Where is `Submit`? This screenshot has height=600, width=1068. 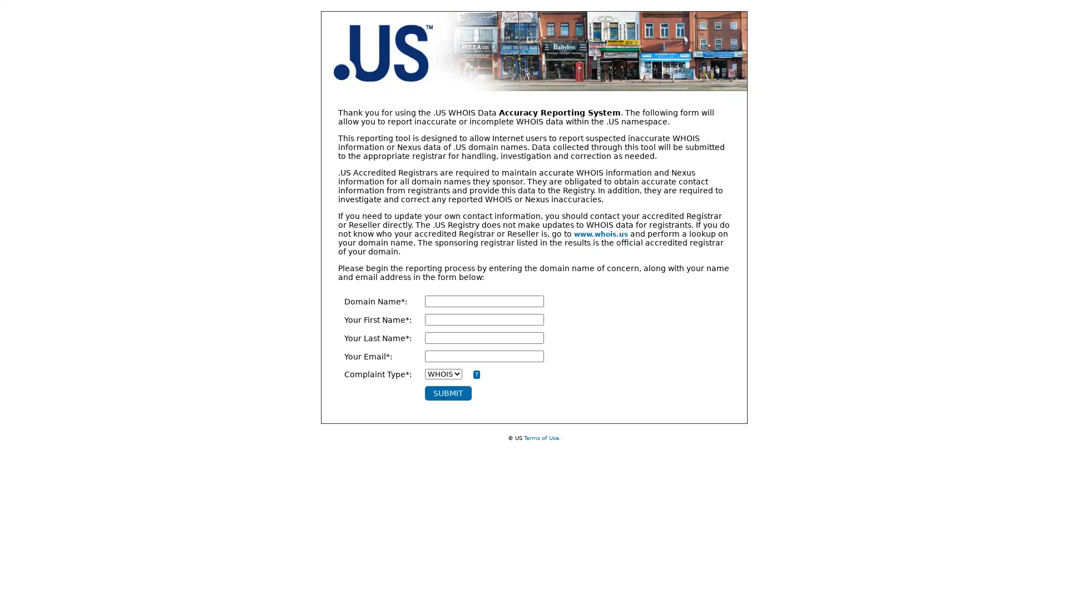 Submit is located at coordinates (448, 393).